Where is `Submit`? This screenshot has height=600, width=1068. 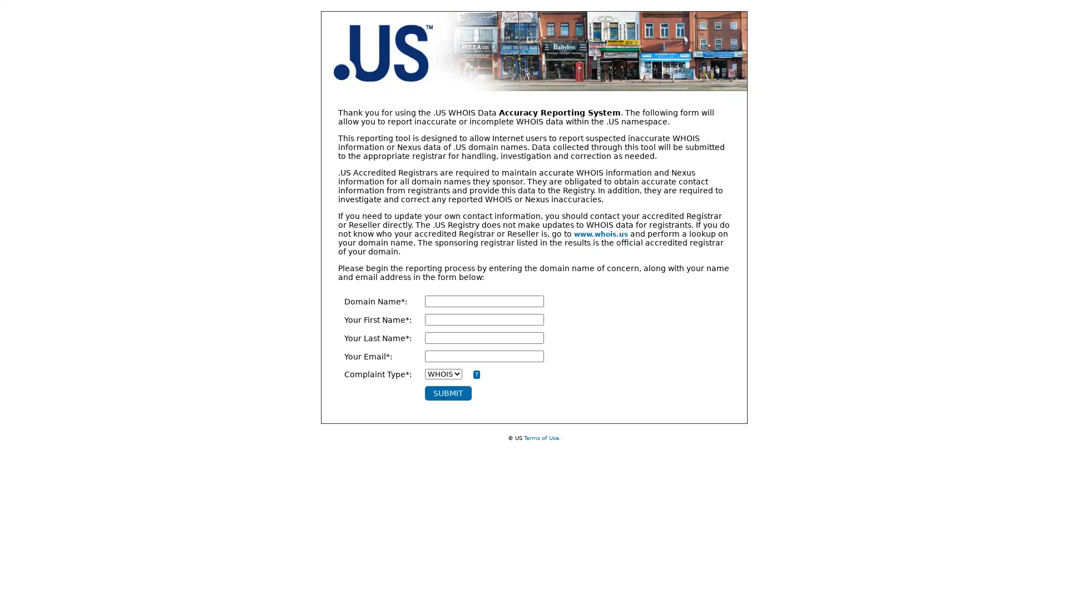 Submit is located at coordinates (448, 393).